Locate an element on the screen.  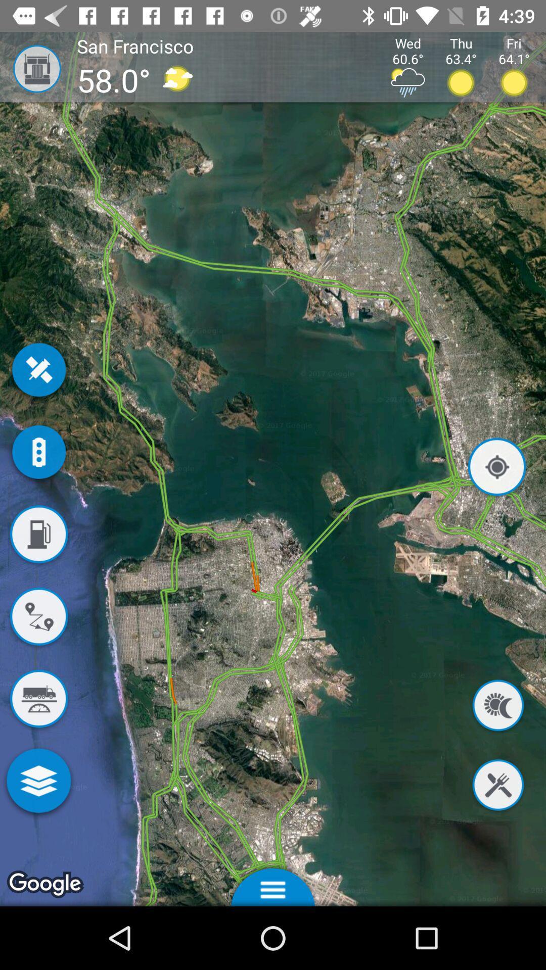
the layers icon is located at coordinates (38, 782).